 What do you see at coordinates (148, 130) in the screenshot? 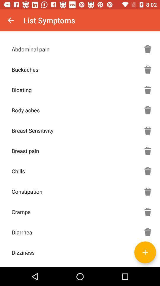
I see `delete option` at bounding box center [148, 130].